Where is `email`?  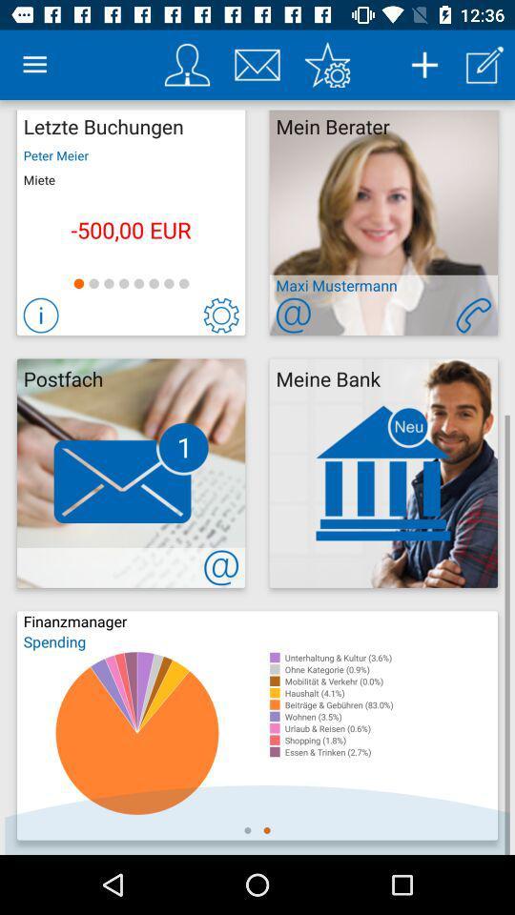 email is located at coordinates (257, 65).